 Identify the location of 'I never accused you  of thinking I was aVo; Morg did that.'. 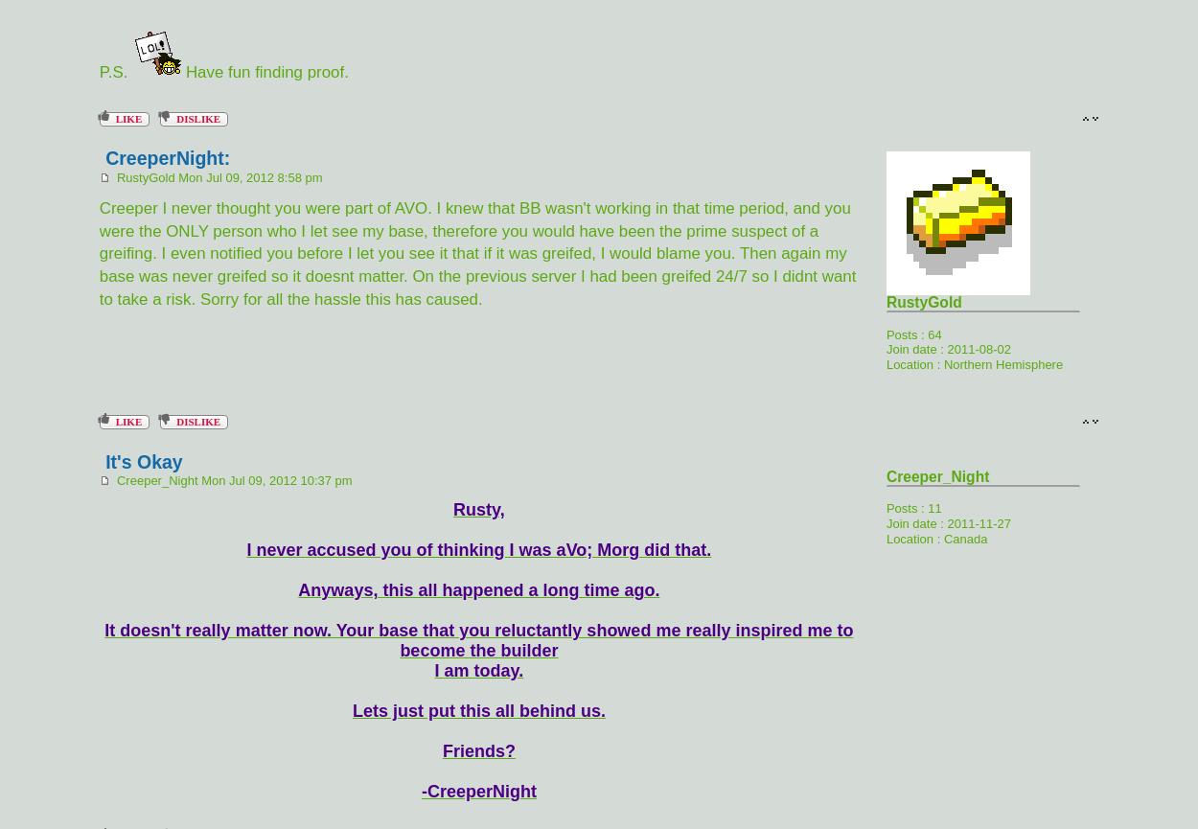
(477, 549).